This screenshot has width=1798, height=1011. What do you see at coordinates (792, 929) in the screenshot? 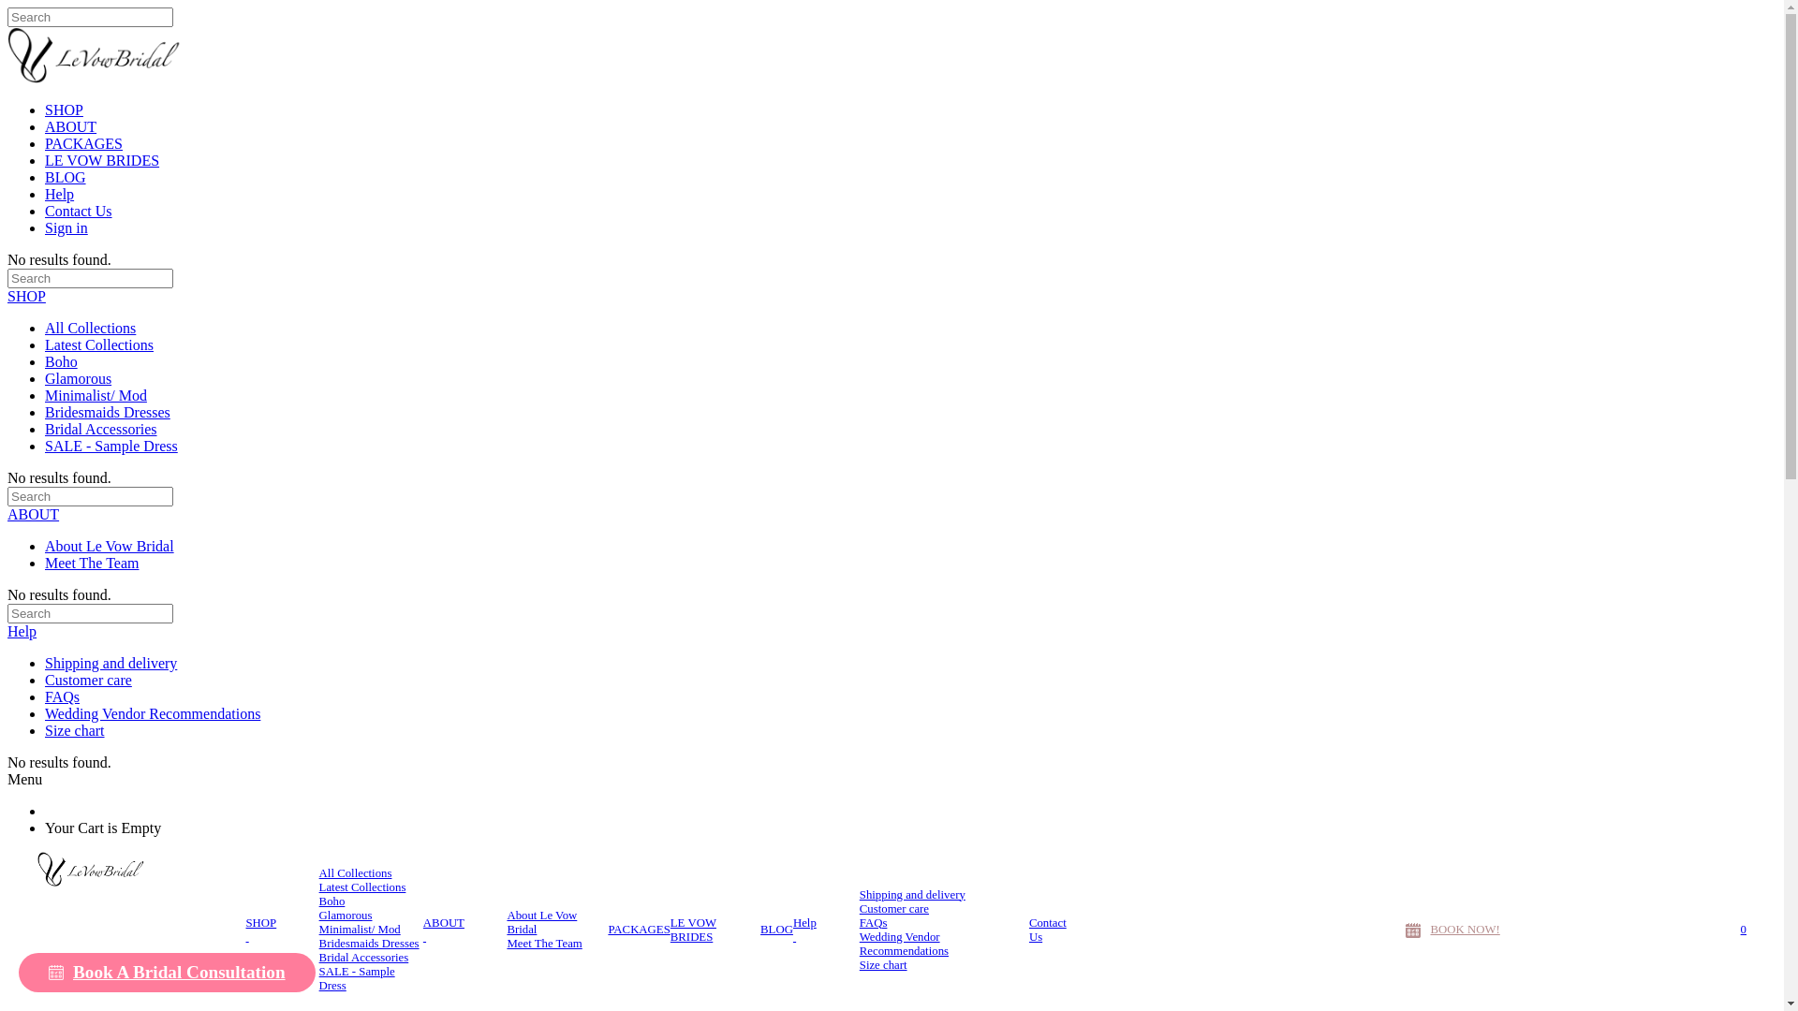
I see `'Help  '` at bounding box center [792, 929].